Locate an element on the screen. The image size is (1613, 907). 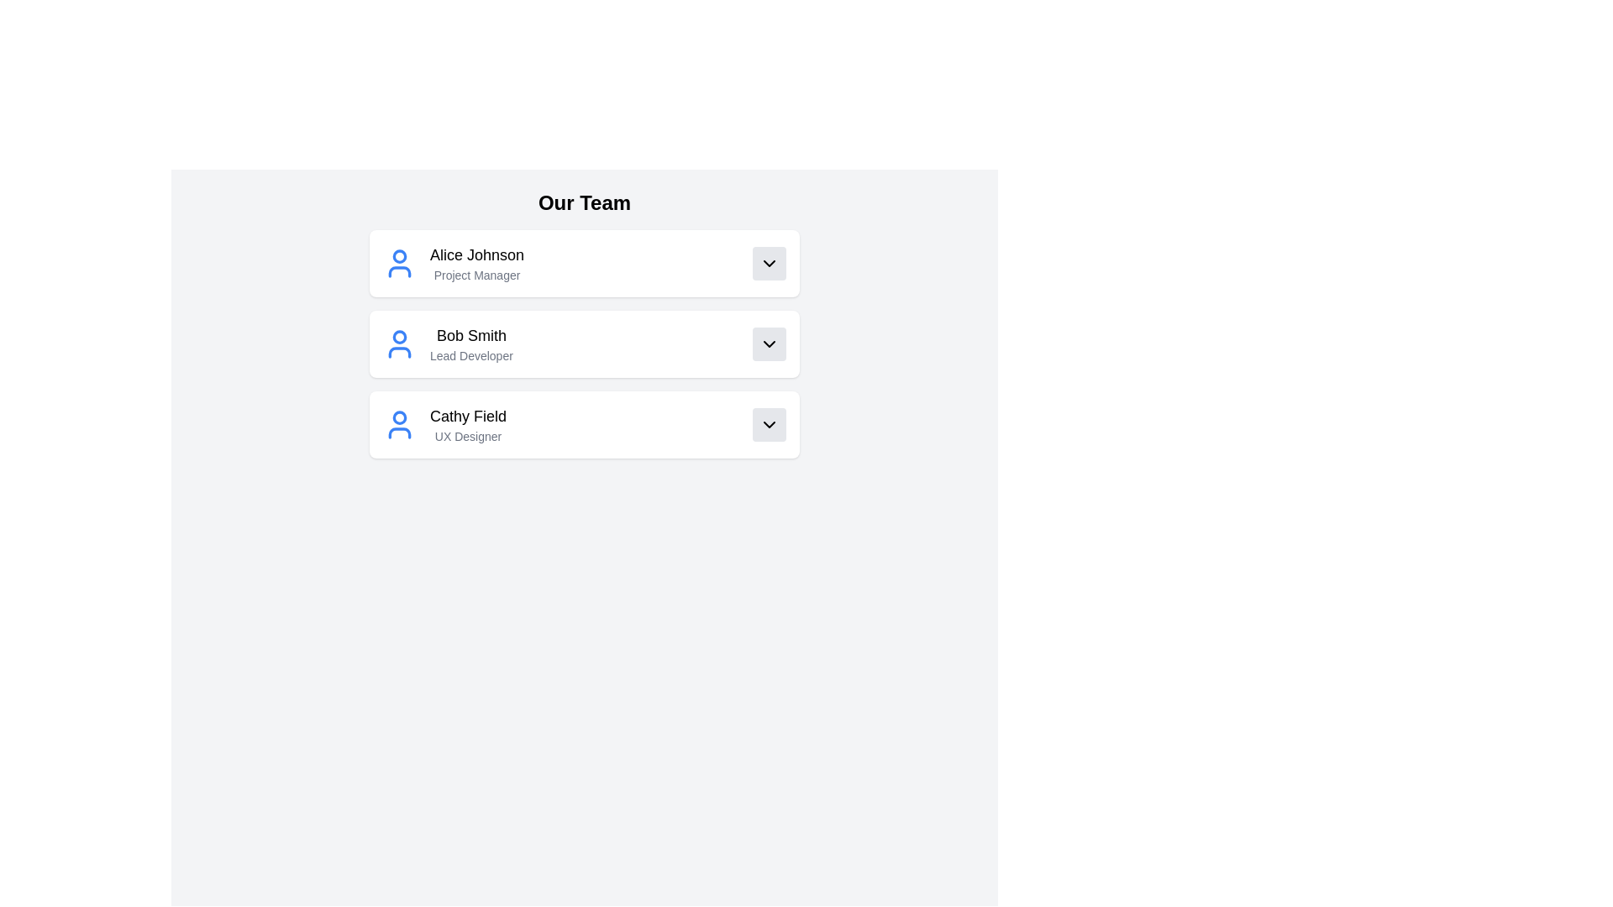
the Information Card displaying 'Alice Johnson', which includes a user avatar icon and the subtitle 'Project Manager', located at the top of the 'Our Team' section is located at coordinates (454, 263).